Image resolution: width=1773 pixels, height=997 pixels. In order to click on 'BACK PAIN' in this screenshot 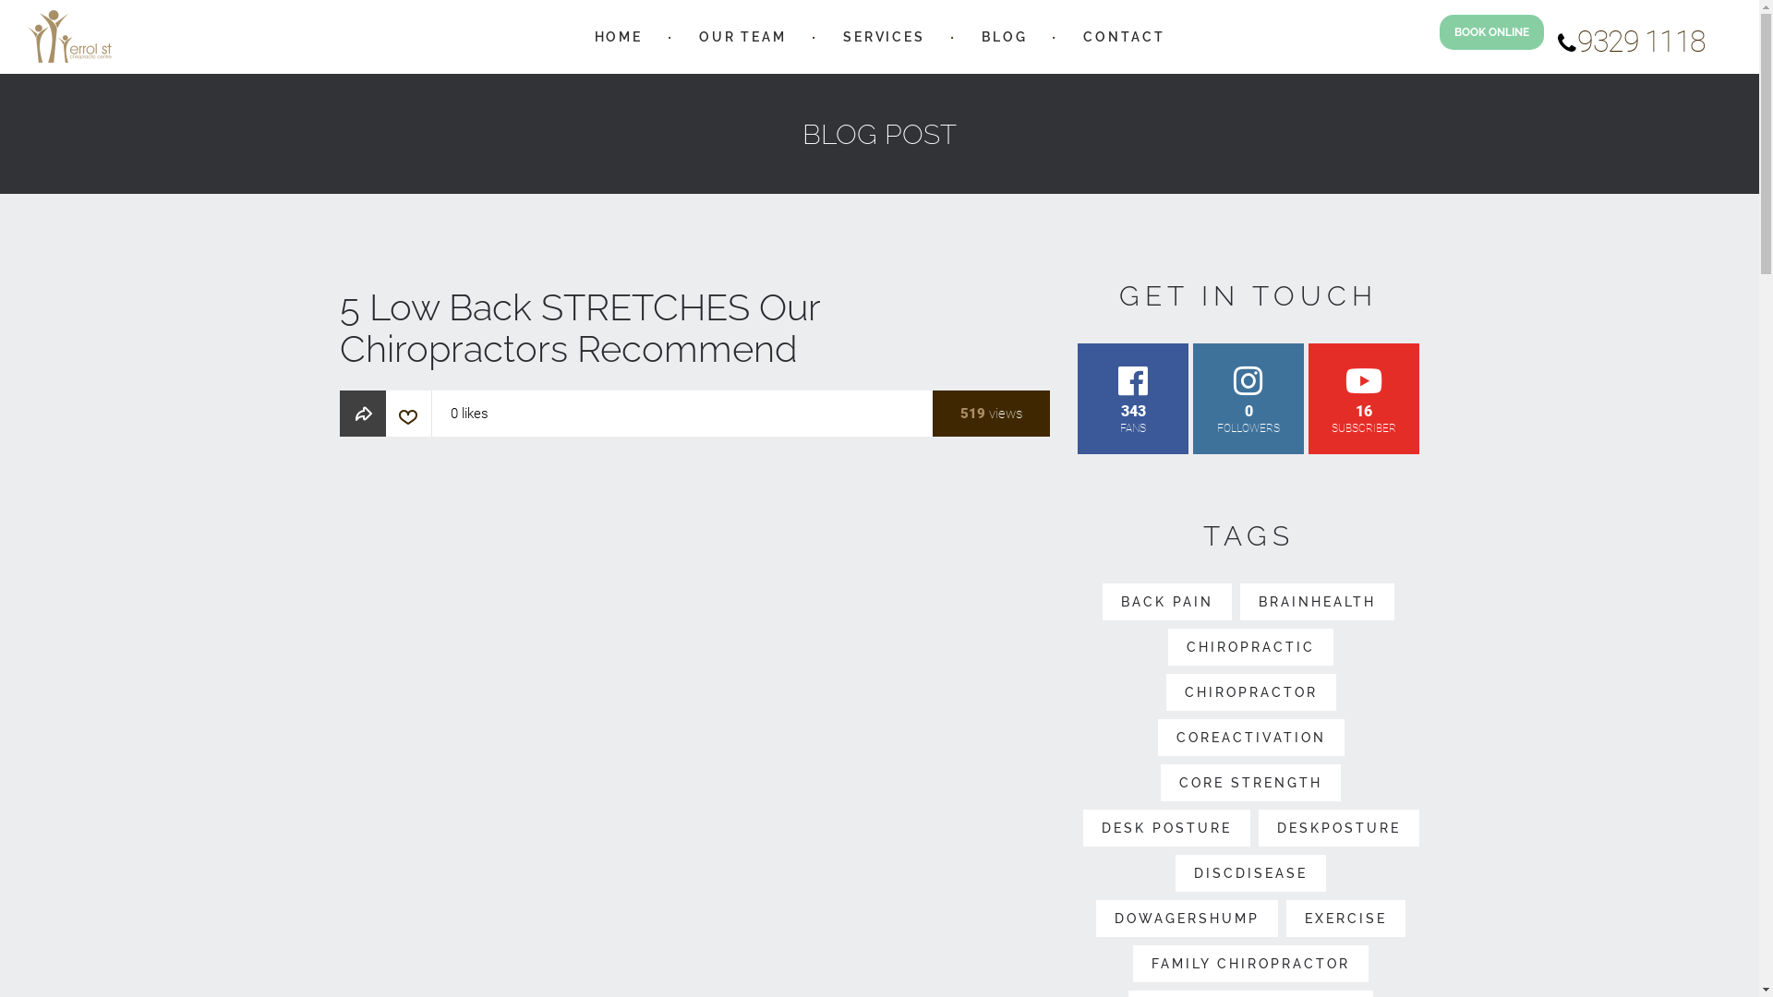, I will do `click(1165, 601)`.